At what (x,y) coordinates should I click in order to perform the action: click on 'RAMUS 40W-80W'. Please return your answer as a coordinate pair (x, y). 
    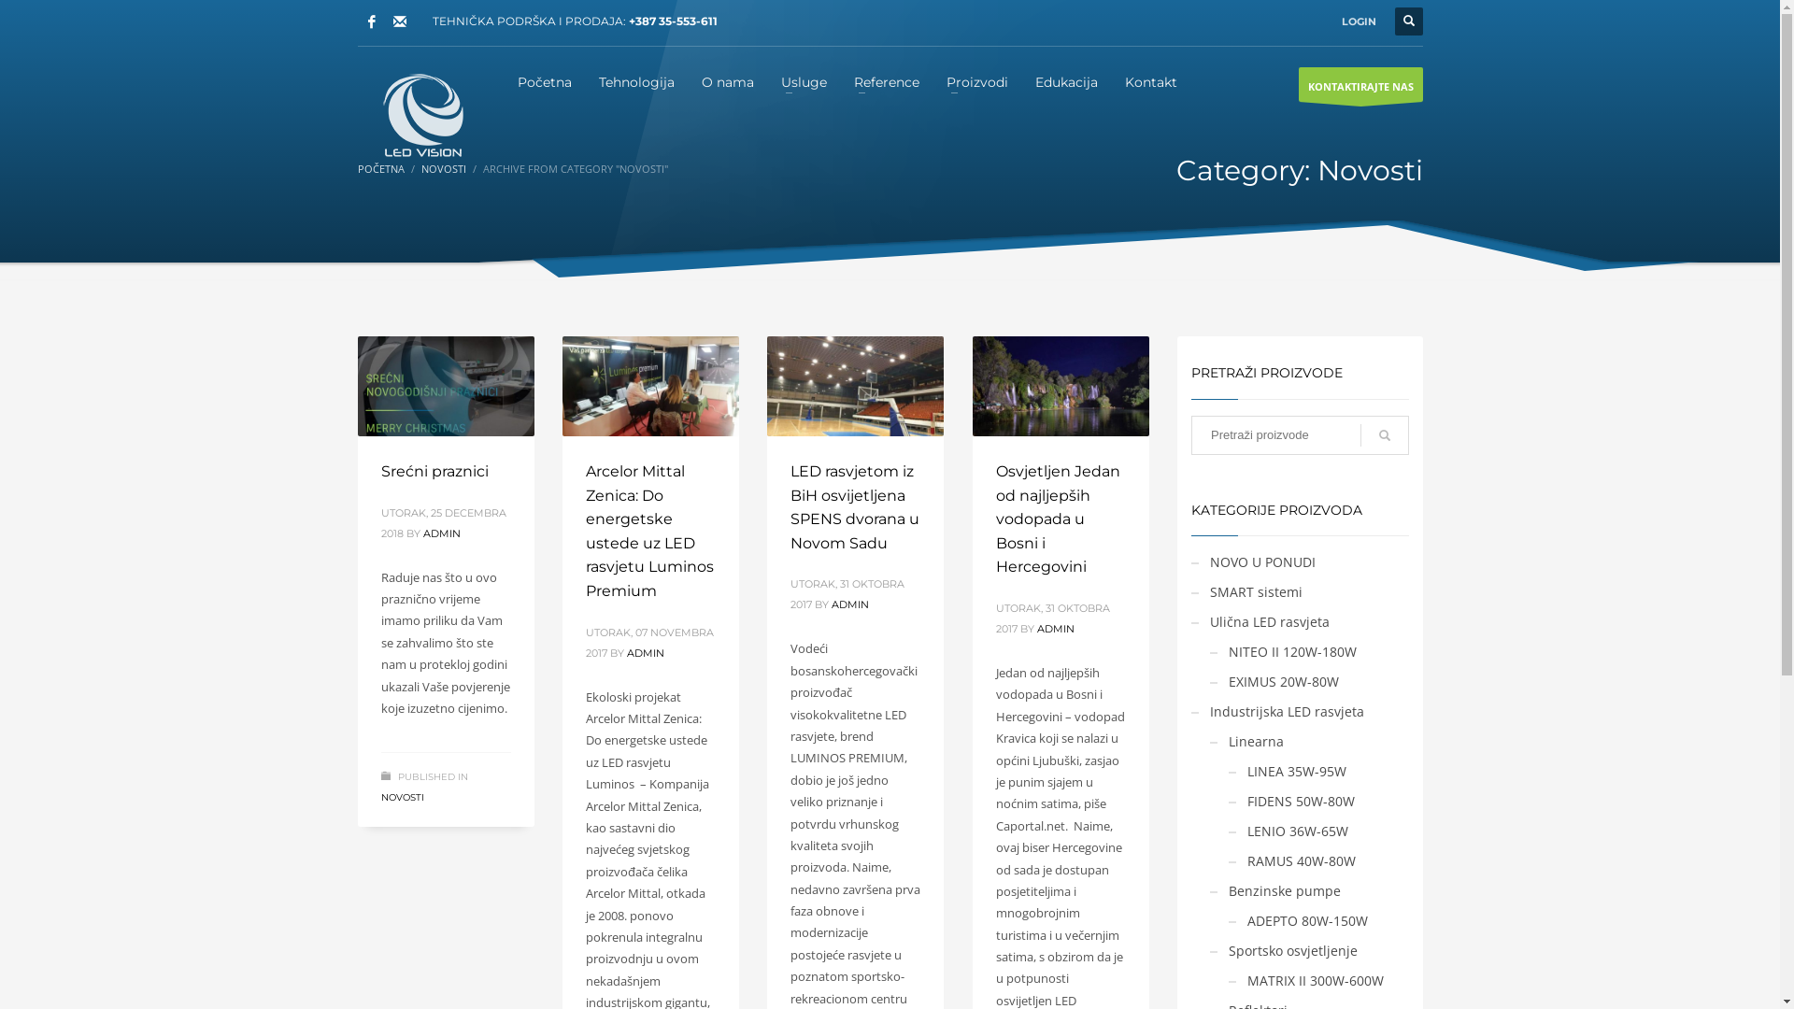
    Looking at the image, I should click on (1290, 860).